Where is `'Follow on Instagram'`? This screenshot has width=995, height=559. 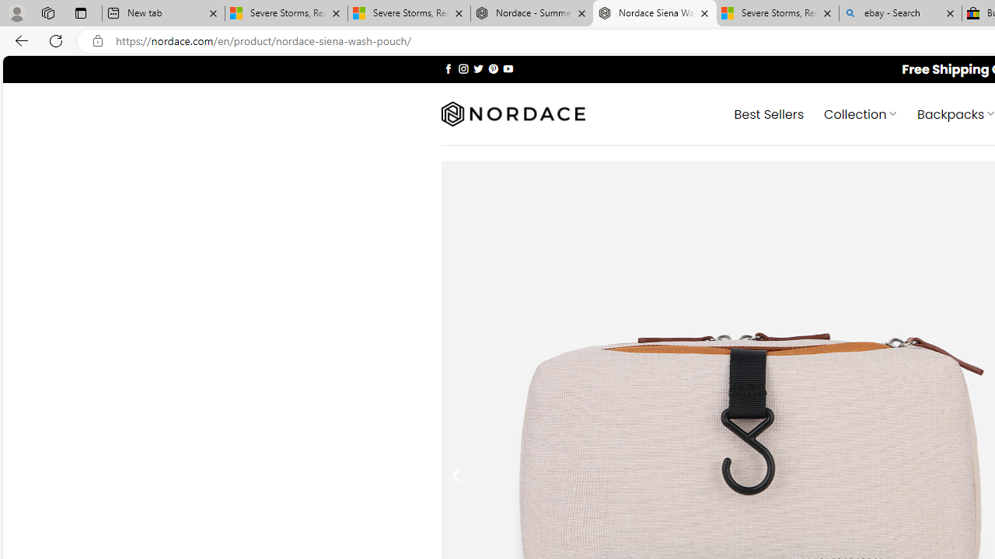
'Follow on Instagram' is located at coordinates (463, 68).